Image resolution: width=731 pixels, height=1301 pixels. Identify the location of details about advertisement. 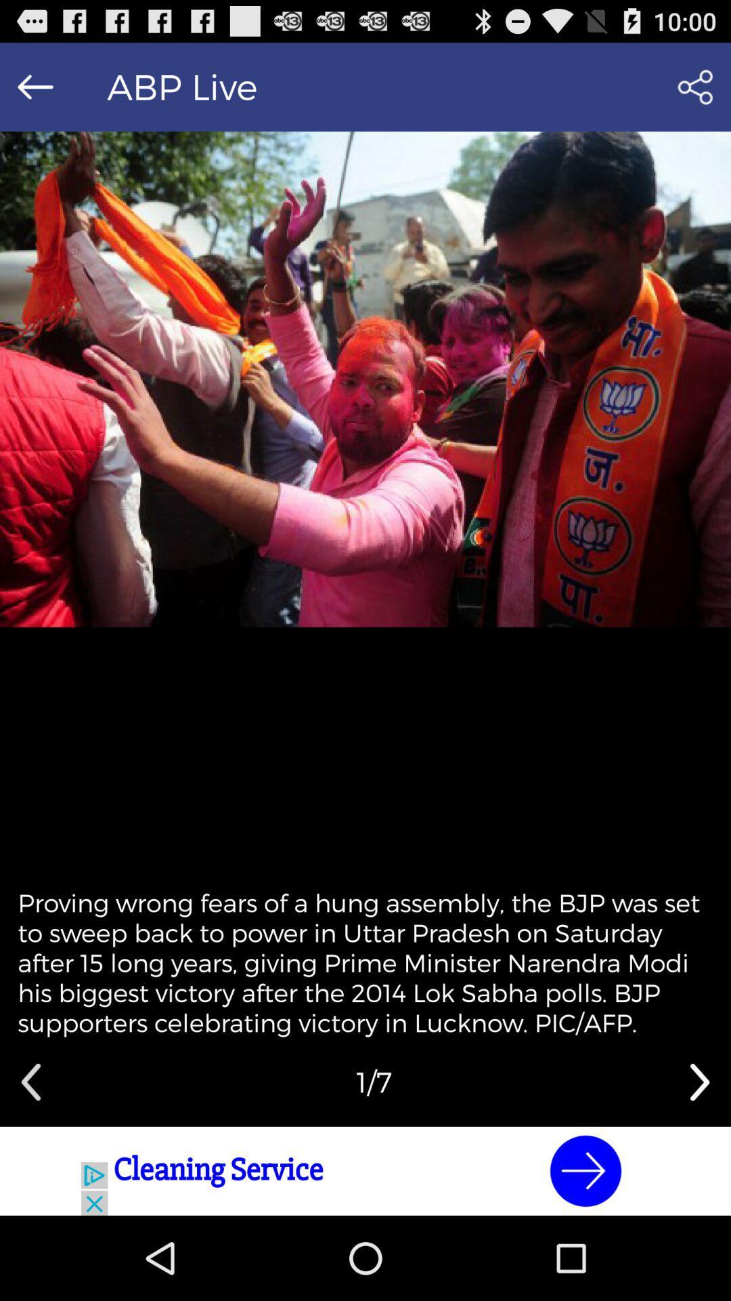
(365, 1170).